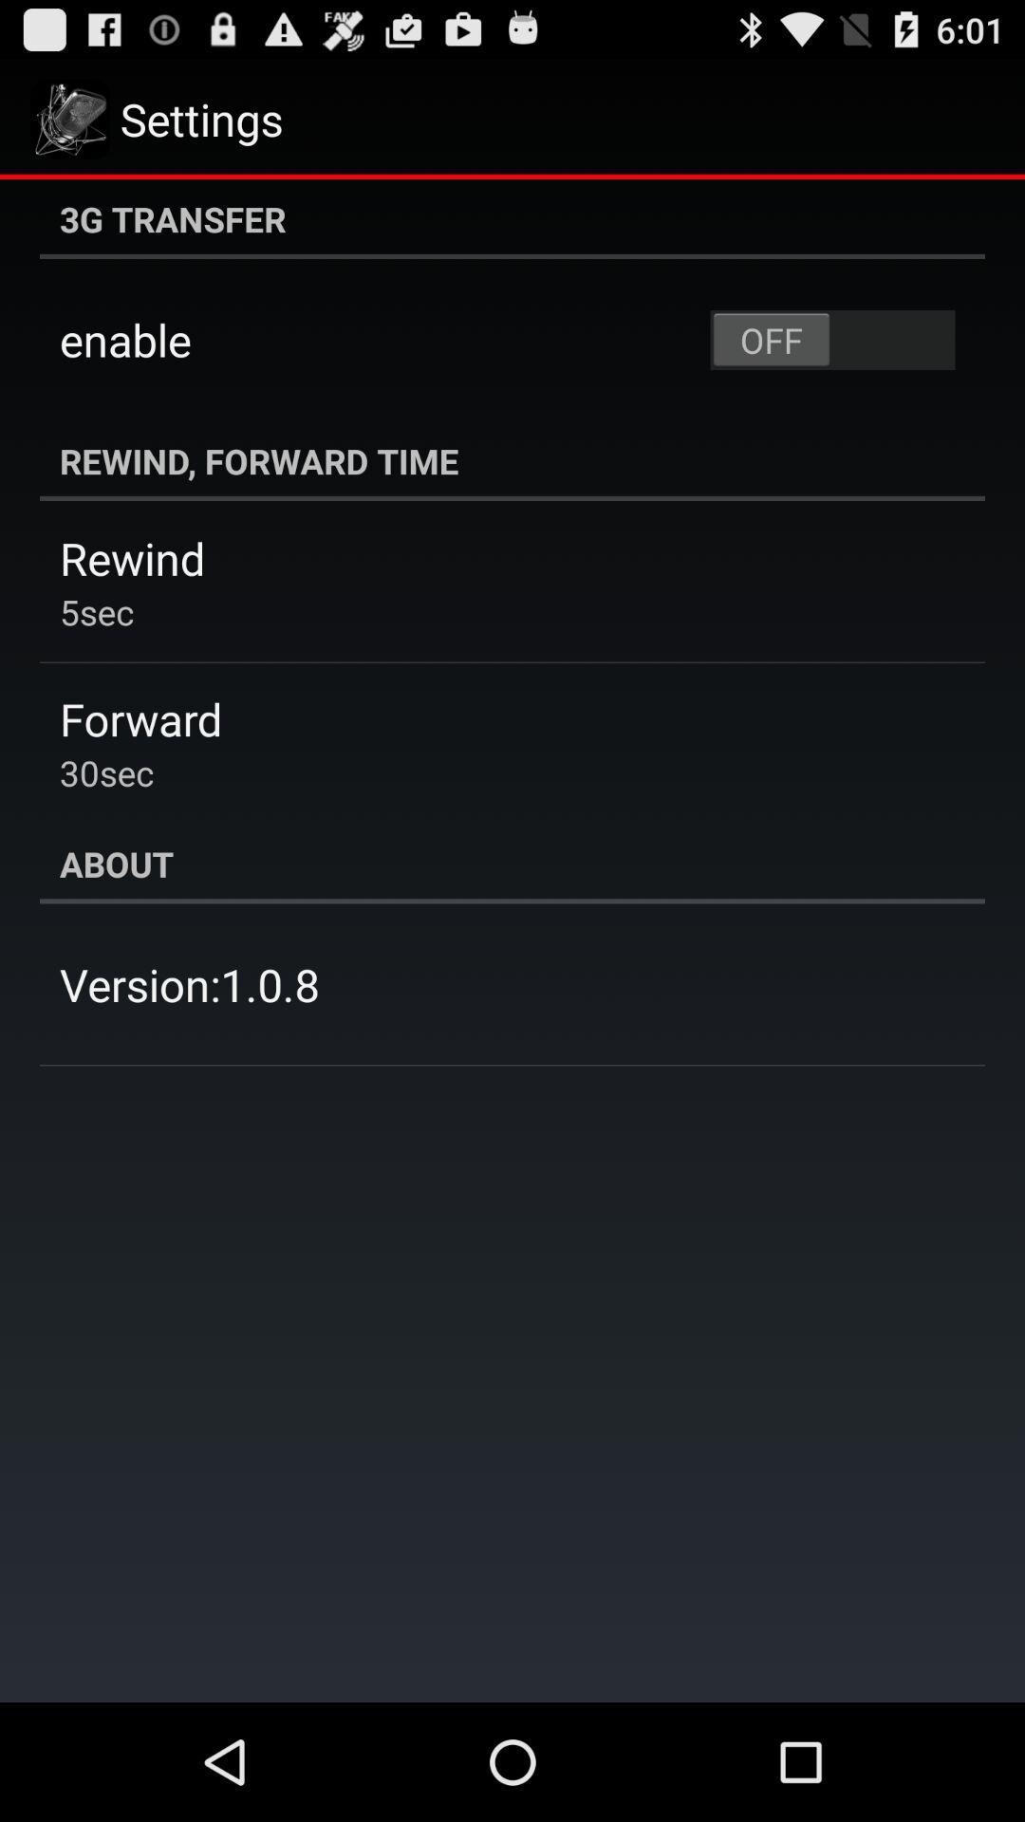  Describe the element at coordinates (512, 460) in the screenshot. I see `the app above rewind item` at that location.